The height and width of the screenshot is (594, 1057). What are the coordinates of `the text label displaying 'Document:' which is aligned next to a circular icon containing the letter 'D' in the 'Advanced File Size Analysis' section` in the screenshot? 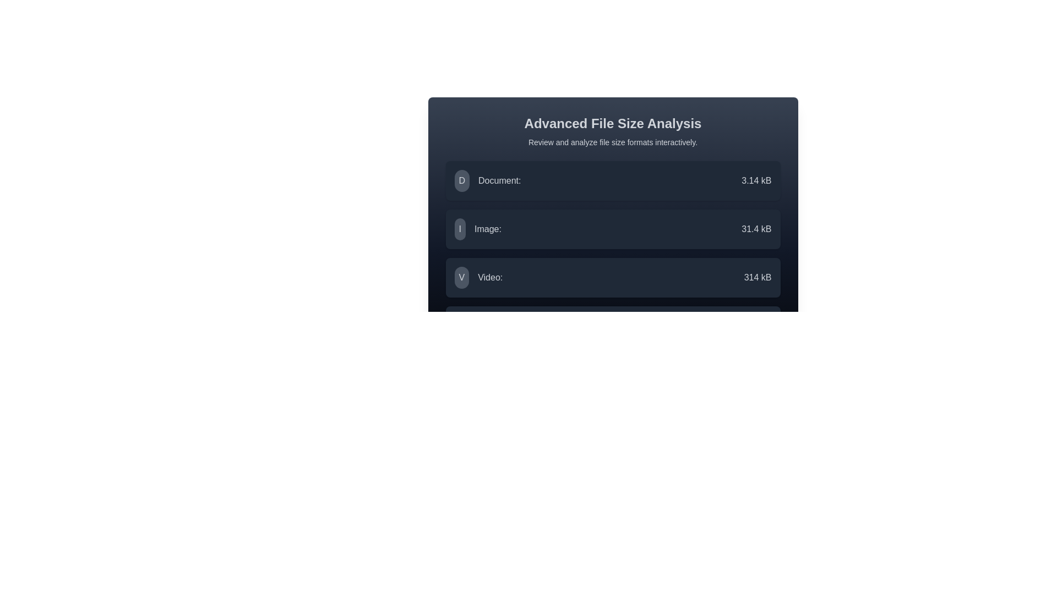 It's located at (499, 180).